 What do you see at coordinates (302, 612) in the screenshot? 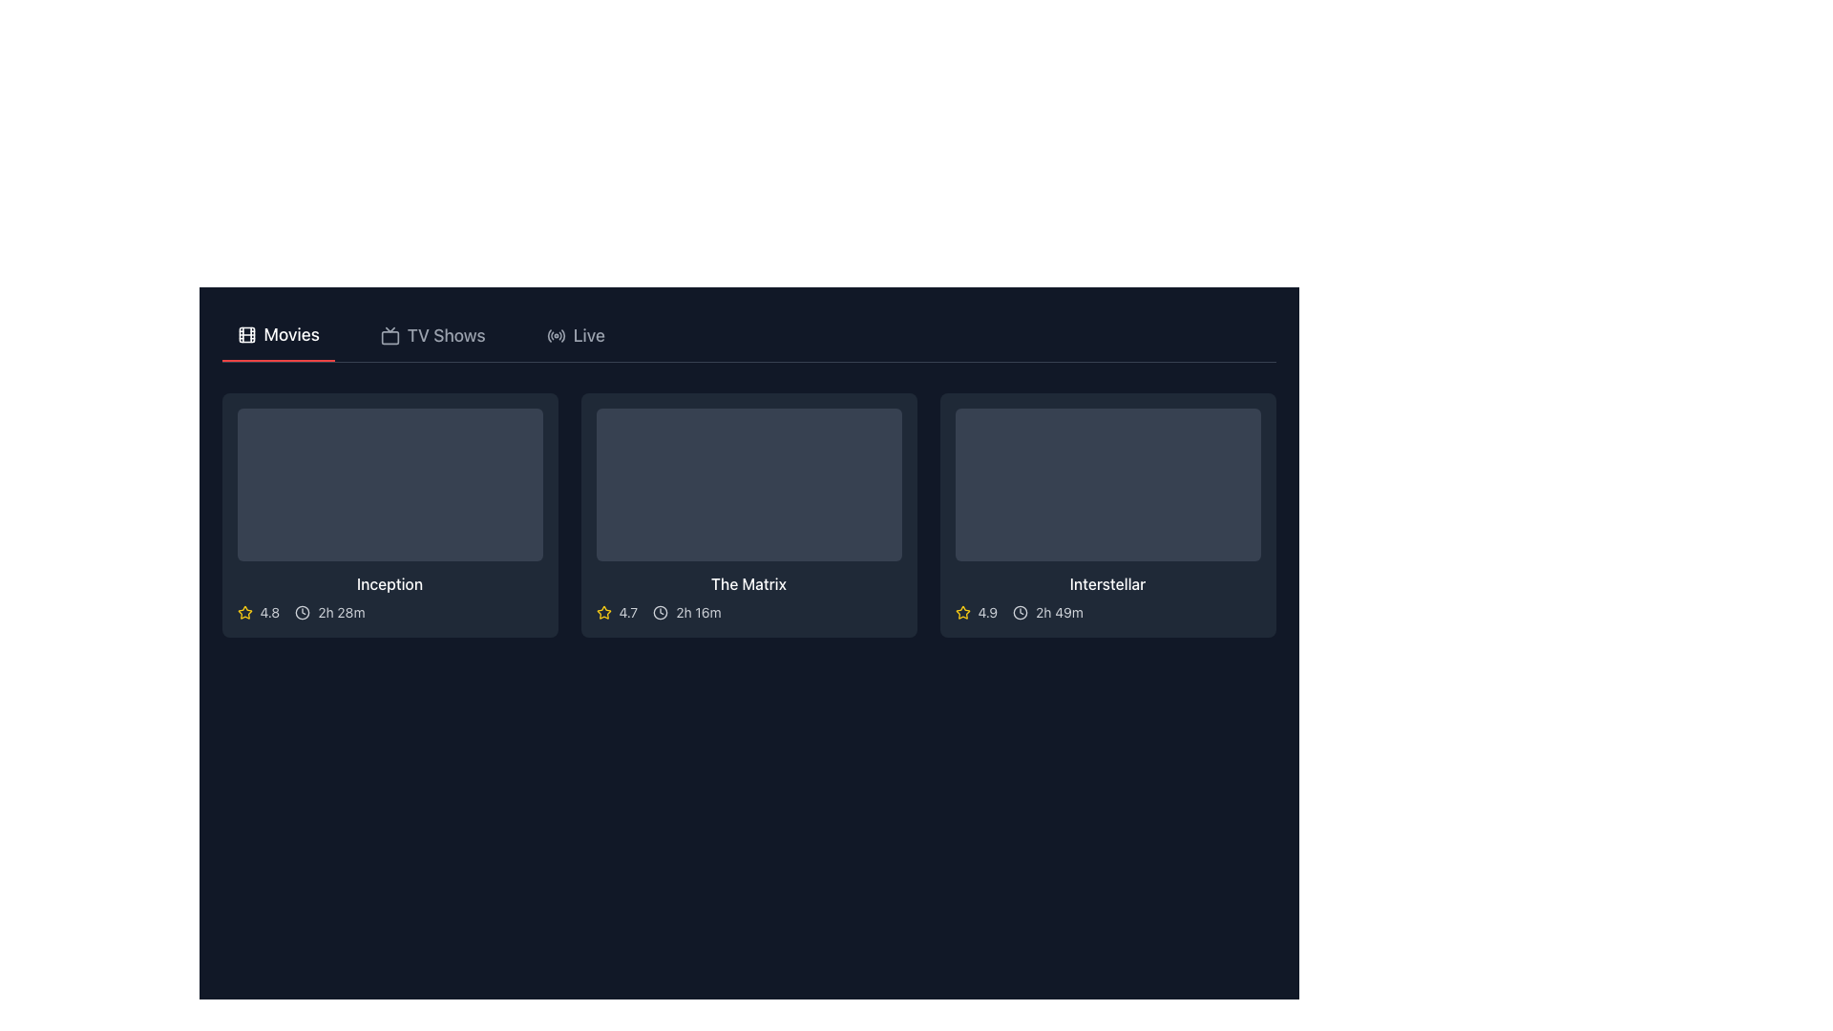
I see `the SVG Circle Element within the clock icon of the 'Inception' movie information card, which is located after the star rating and before the duration text` at bounding box center [302, 612].